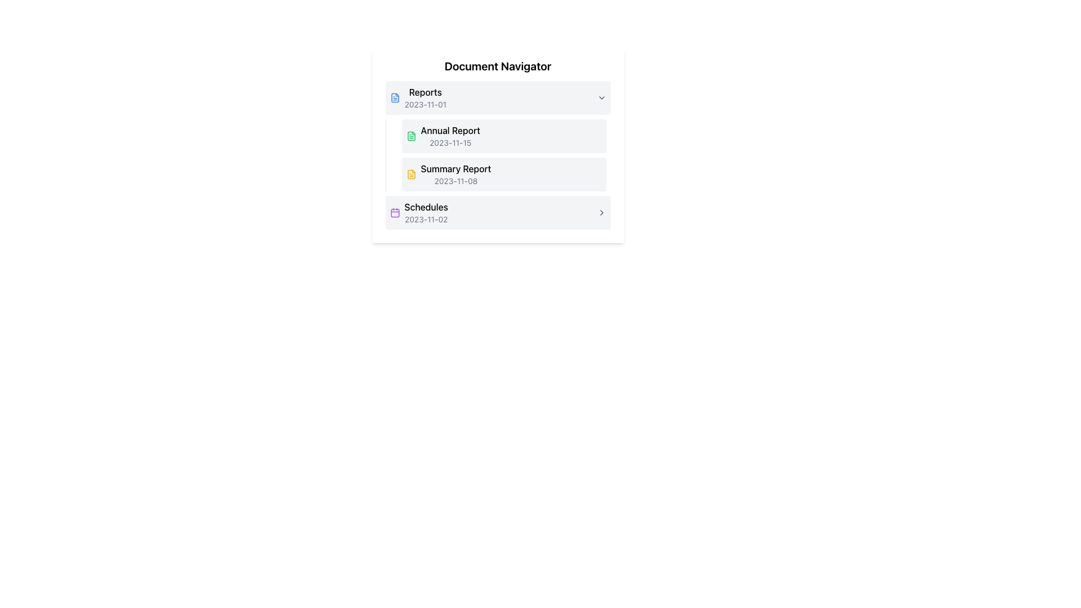 The image size is (1081, 608). I want to click on the purple calendar icon located to the left of the 'Schedules' text in the horizontal row of schedule information, so click(395, 213).